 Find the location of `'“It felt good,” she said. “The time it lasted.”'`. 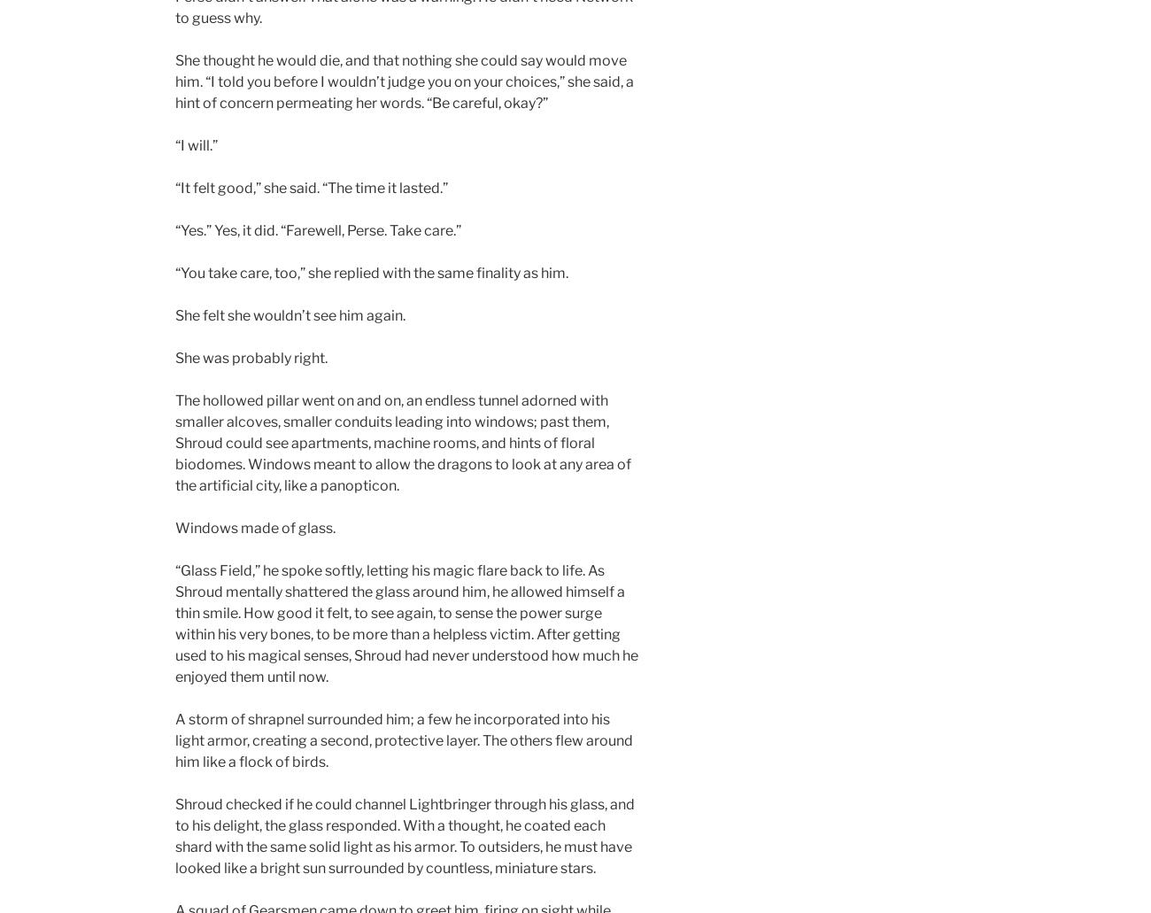

'“It felt good,” she said. “The time it lasted.”' is located at coordinates (311, 188).